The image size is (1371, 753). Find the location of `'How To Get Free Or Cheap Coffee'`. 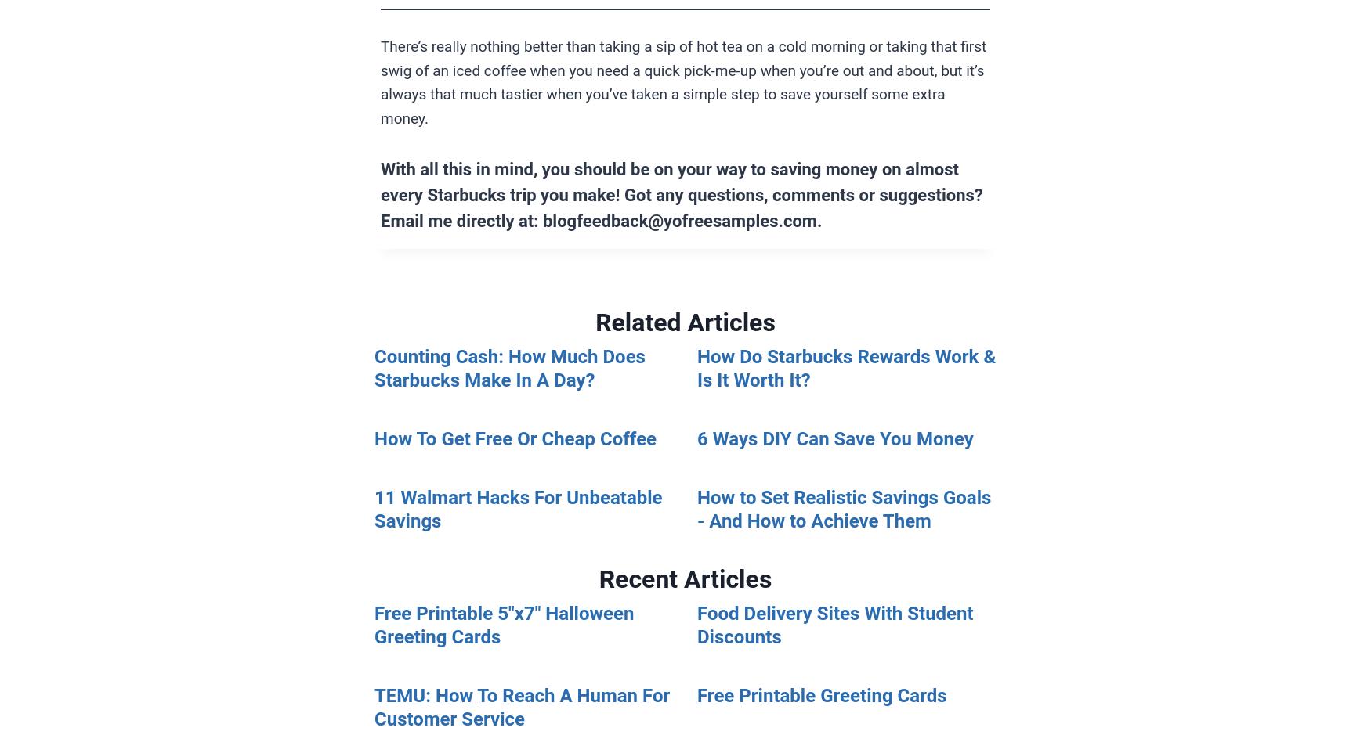

'How To Get Free Or Cheap Coffee' is located at coordinates (515, 438).